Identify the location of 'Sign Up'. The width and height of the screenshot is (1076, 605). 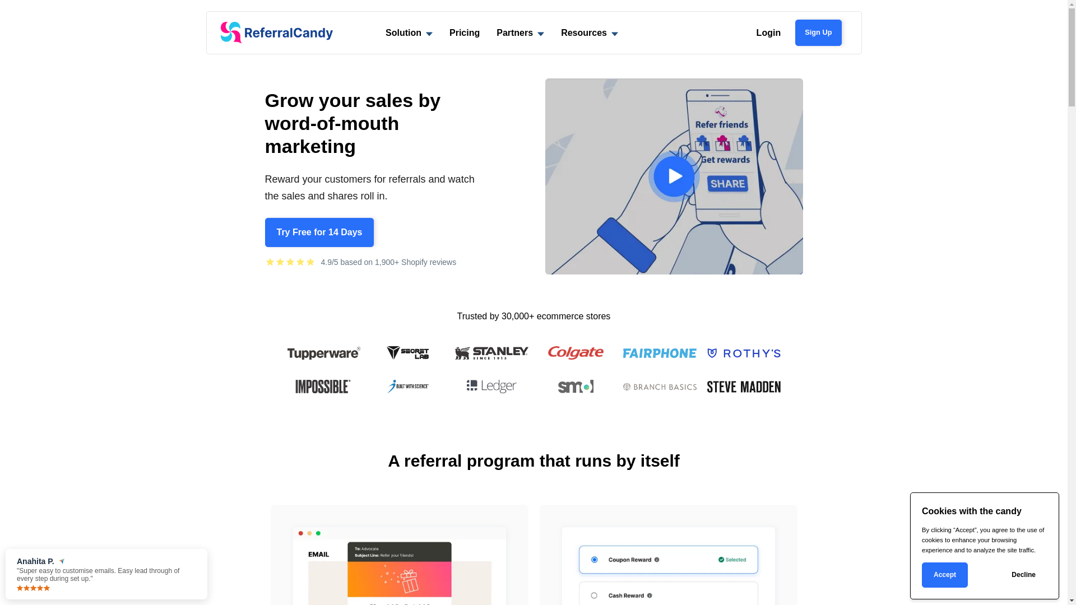
(818, 31).